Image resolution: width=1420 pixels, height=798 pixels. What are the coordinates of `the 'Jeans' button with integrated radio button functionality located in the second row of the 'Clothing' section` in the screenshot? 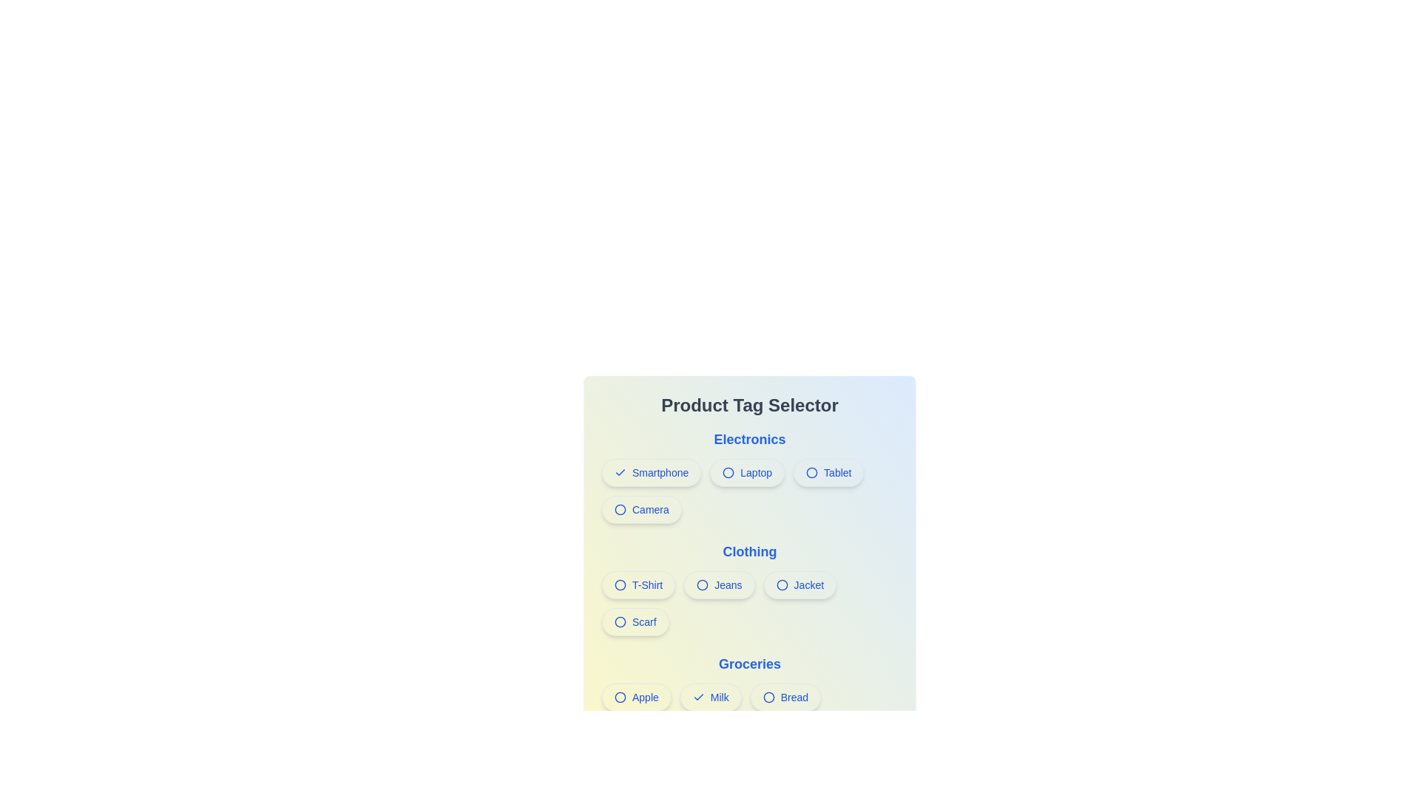 It's located at (719, 584).